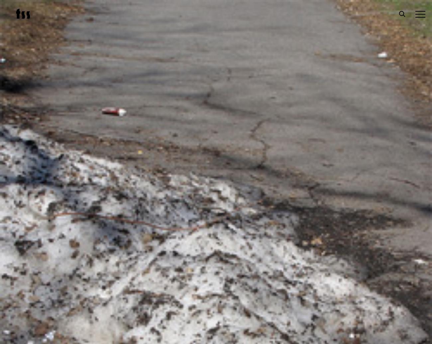  What do you see at coordinates (361, 257) in the screenshot?
I see `'The Smart Set is published and supported by the Pennoni Honors College at Drexel University.'` at bounding box center [361, 257].